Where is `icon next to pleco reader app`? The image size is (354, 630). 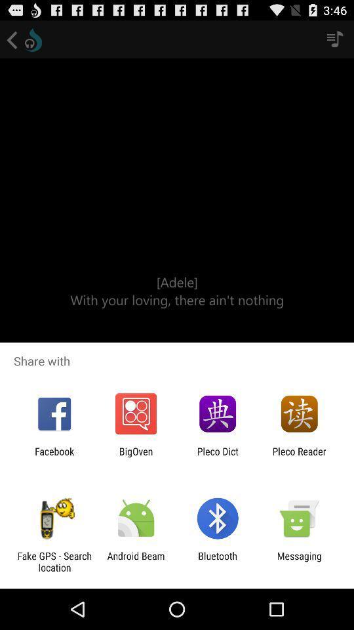
icon next to pleco reader app is located at coordinates (218, 457).